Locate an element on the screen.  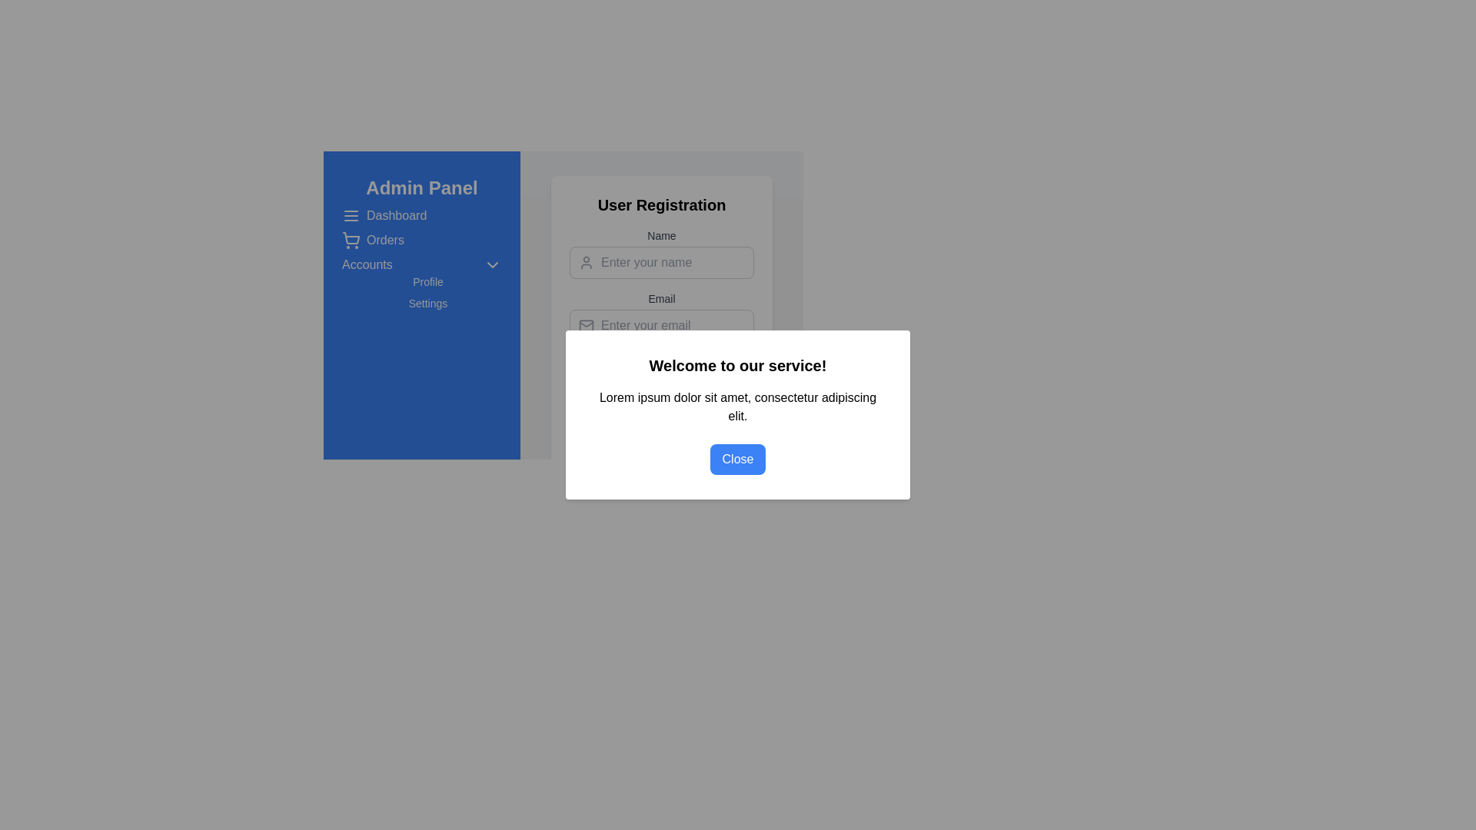
the text label reading 'Email' which is styled in a medium font size and gray color, located above the email input field in the 'User Registration' form is located at coordinates (661, 299).